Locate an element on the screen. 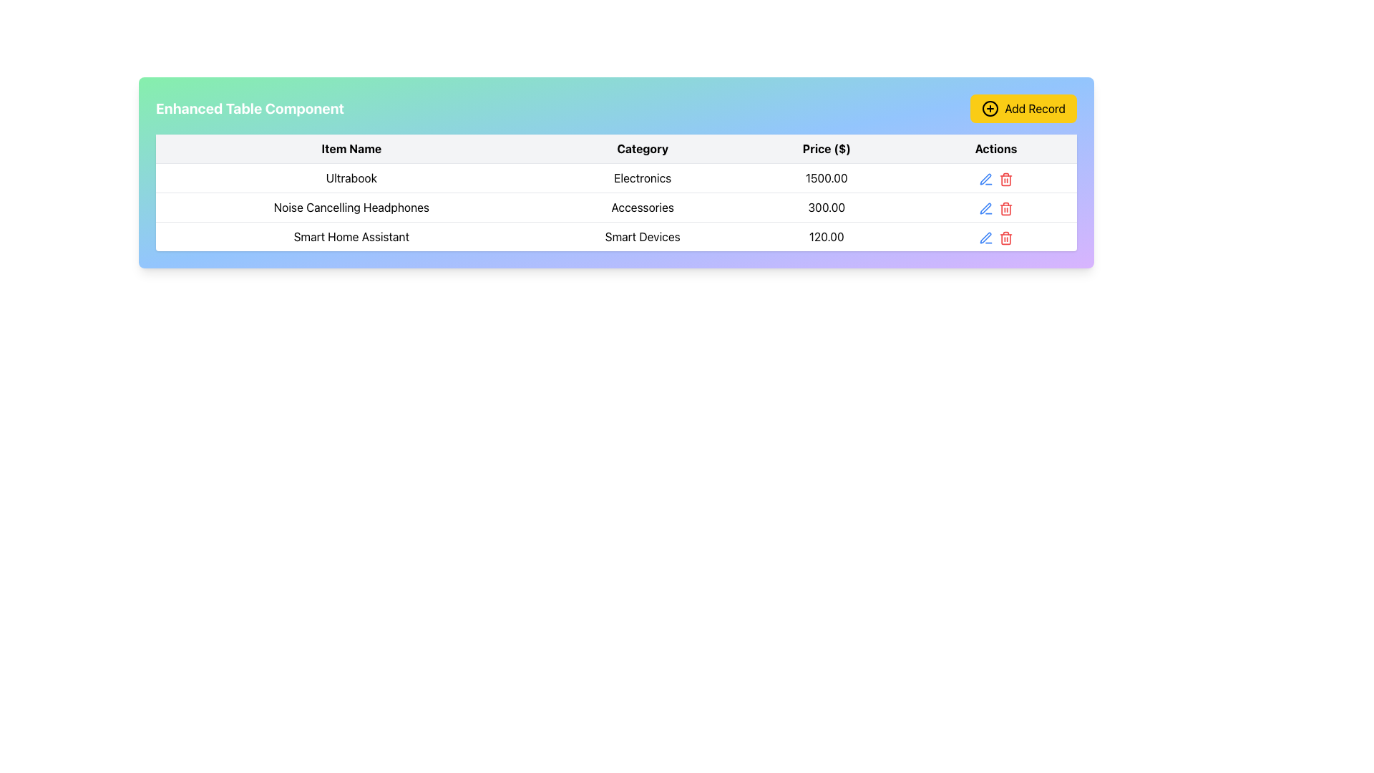 The image size is (1374, 773). the Action icon (Pen icon) in the Actions column of the third row is located at coordinates (985, 237).